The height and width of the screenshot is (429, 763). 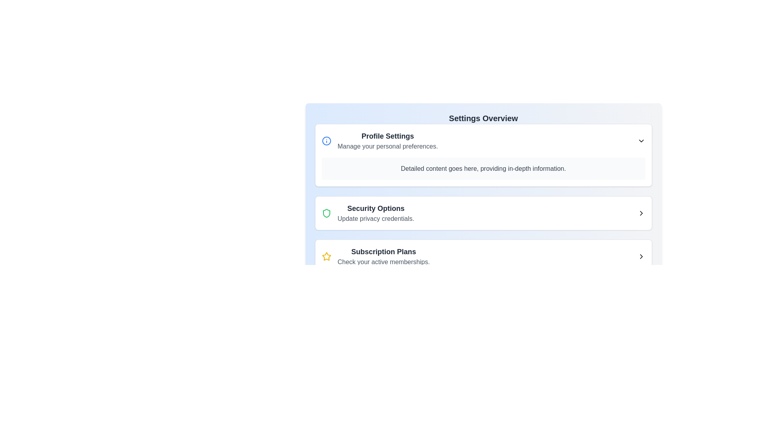 I want to click on the visual representation of the circular blue icon resembling an information symbol, which is located to the left of the 'Profile Settings' header in the 'Settings Overview' panel, so click(x=326, y=140).